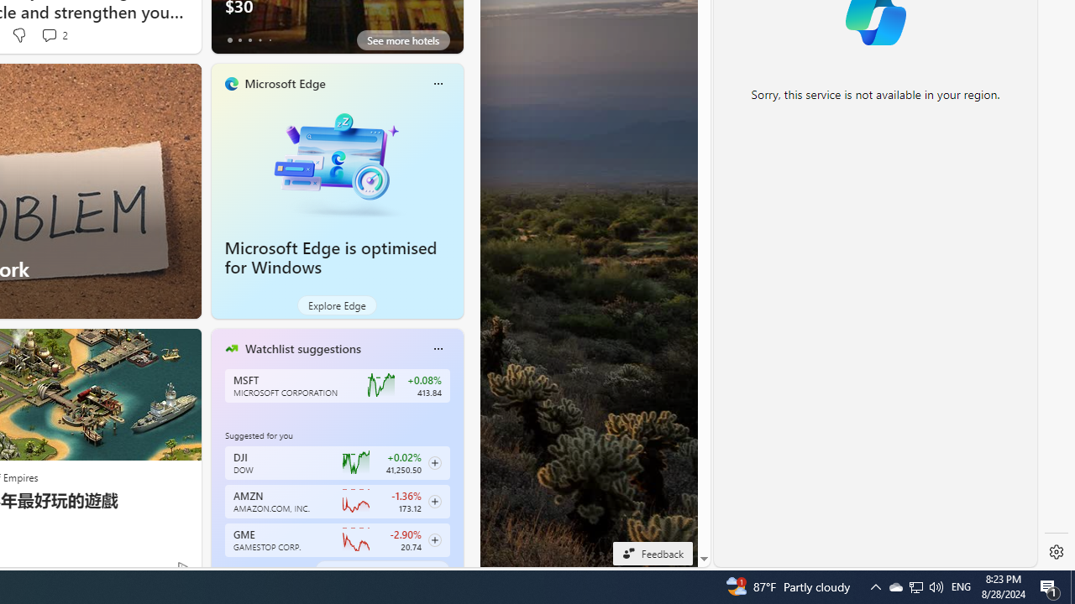  What do you see at coordinates (336, 305) in the screenshot?
I see `'Explore Edge'` at bounding box center [336, 305].